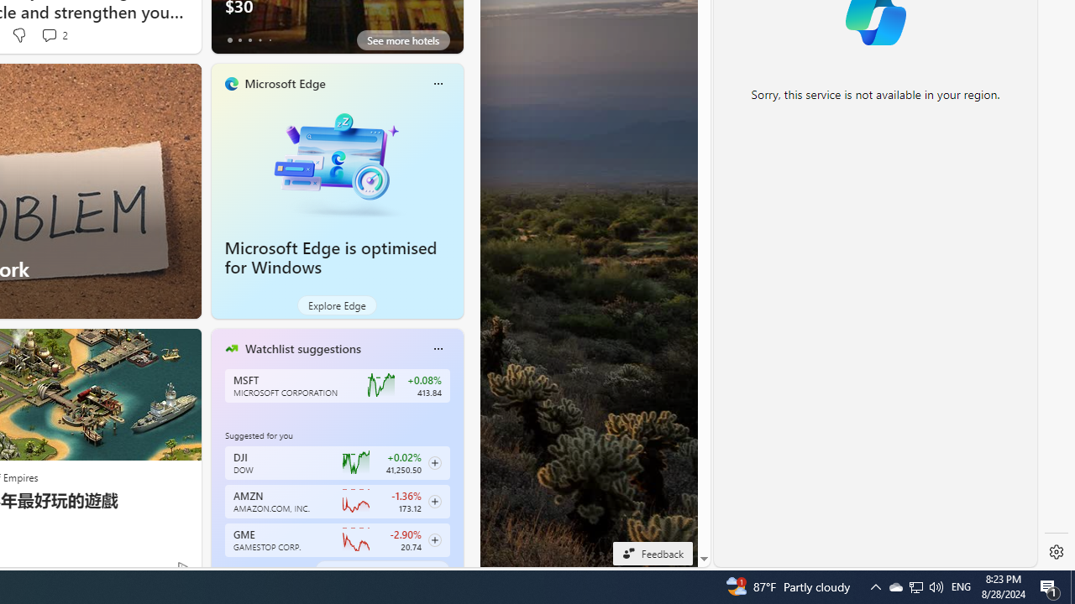  What do you see at coordinates (336, 305) in the screenshot?
I see `'Explore Edge'` at bounding box center [336, 305].